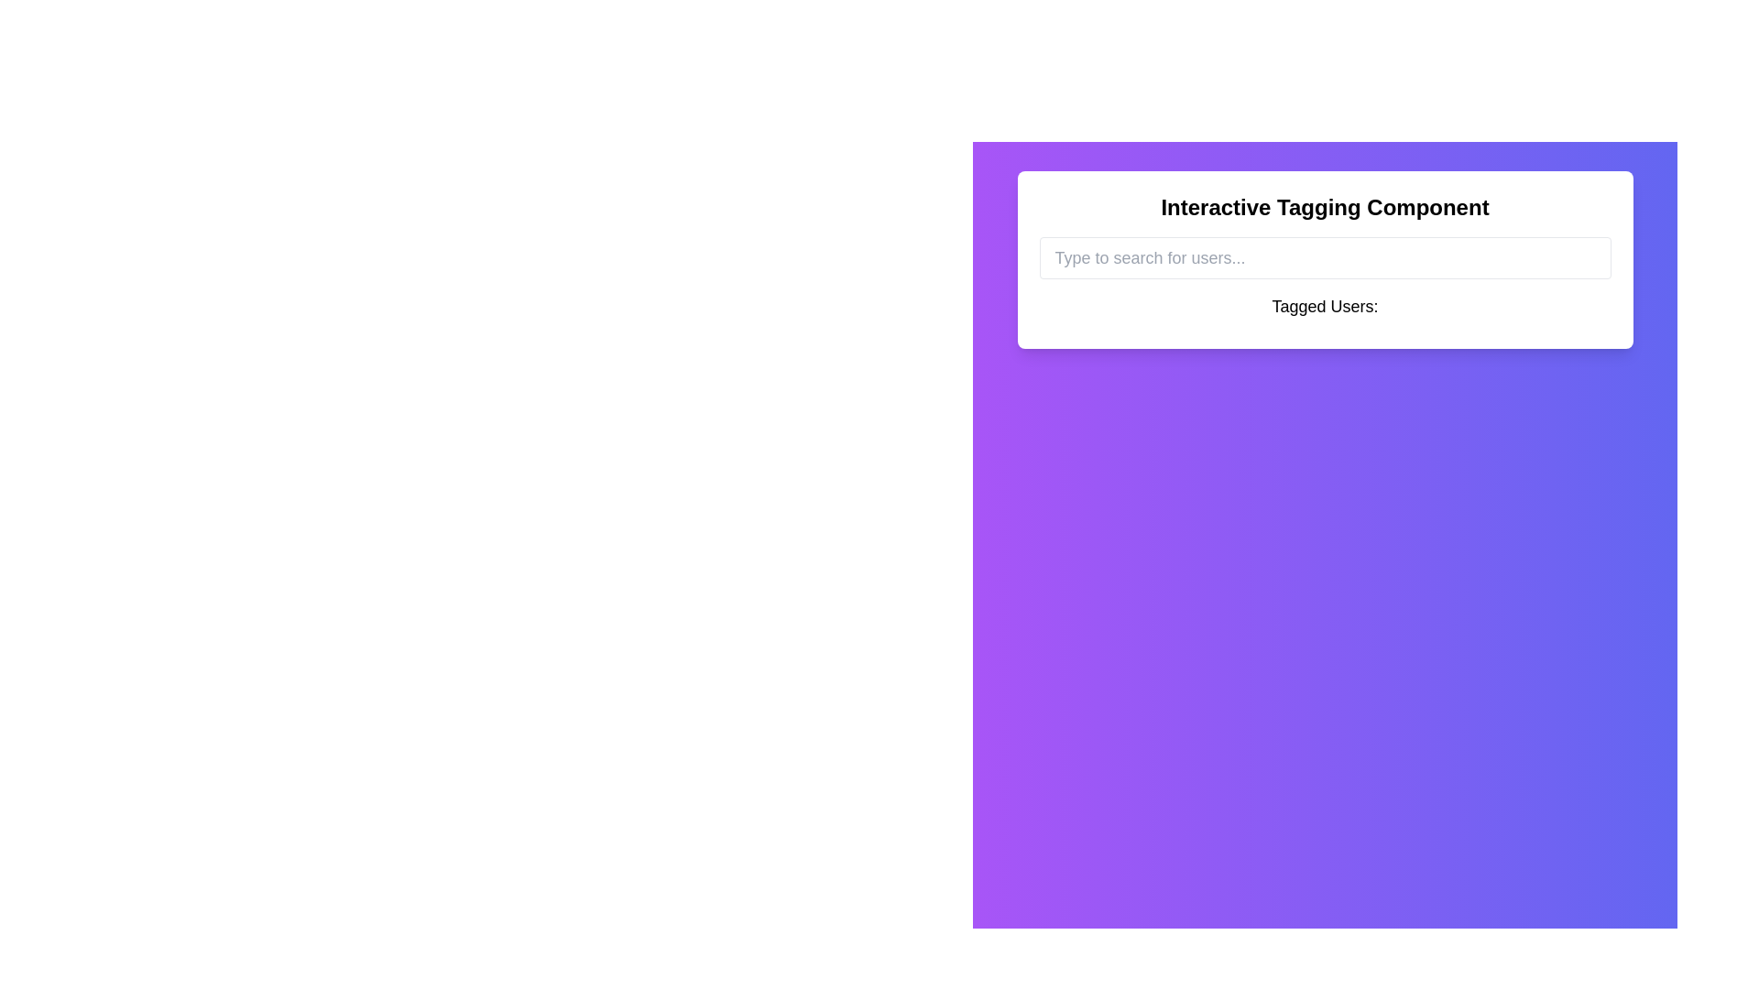 This screenshot has width=1759, height=989. Describe the element at coordinates (1325, 306) in the screenshot. I see `the centrally aligned Text label indicating the section for tagged users, located below the input field titled 'Type to search for users...'` at that location.